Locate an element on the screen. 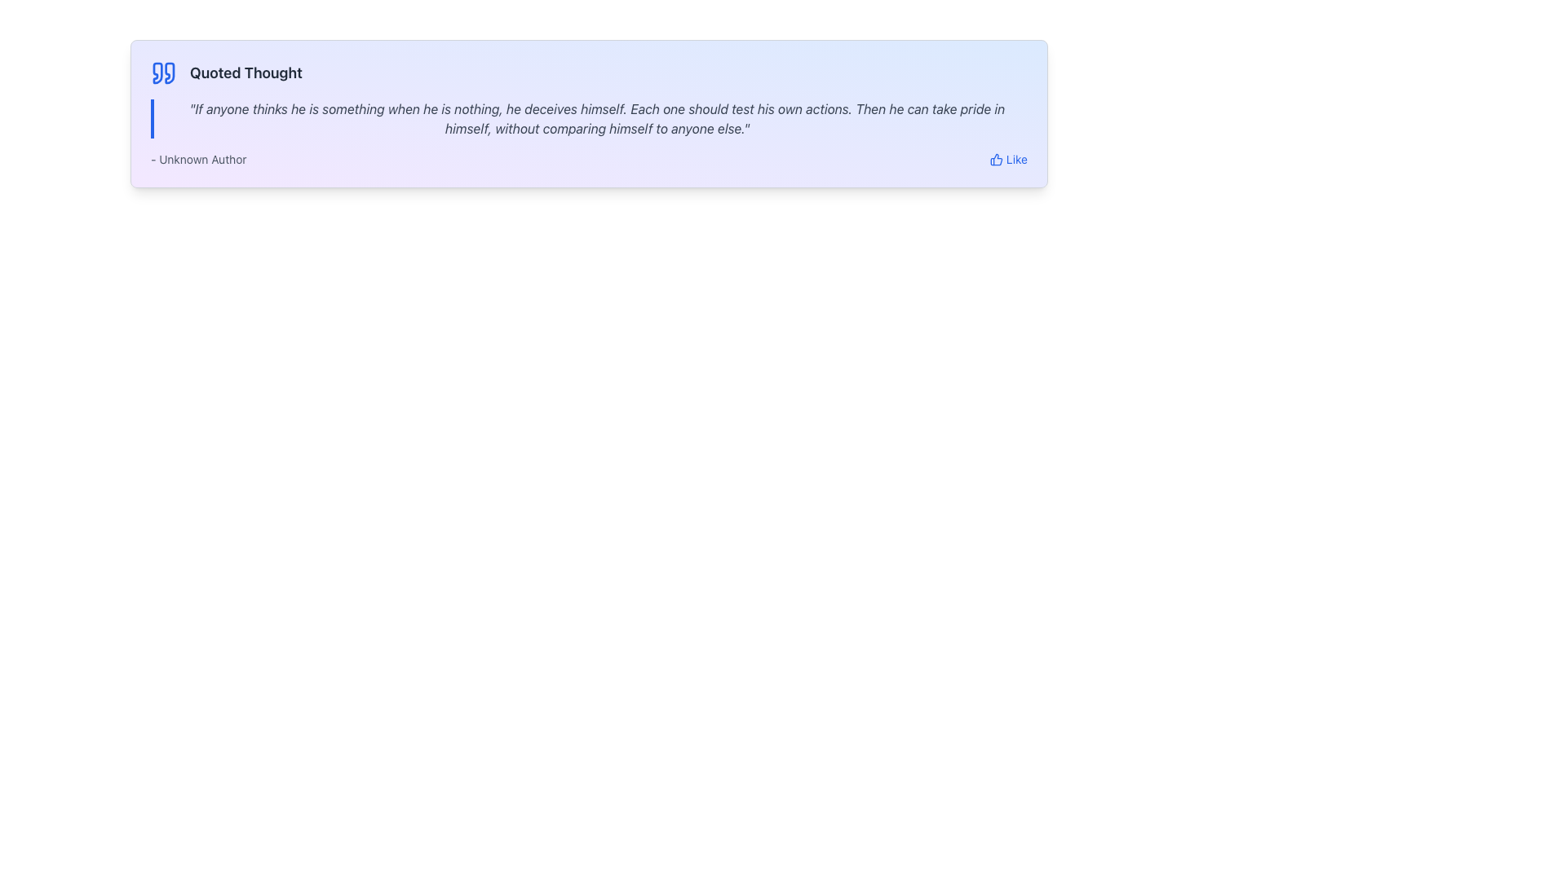 This screenshot has height=880, width=1566. the decorative quotation mark SVG graphic element located to the left of the 'Quoted Thought' text is located at coordinates (157, 72).